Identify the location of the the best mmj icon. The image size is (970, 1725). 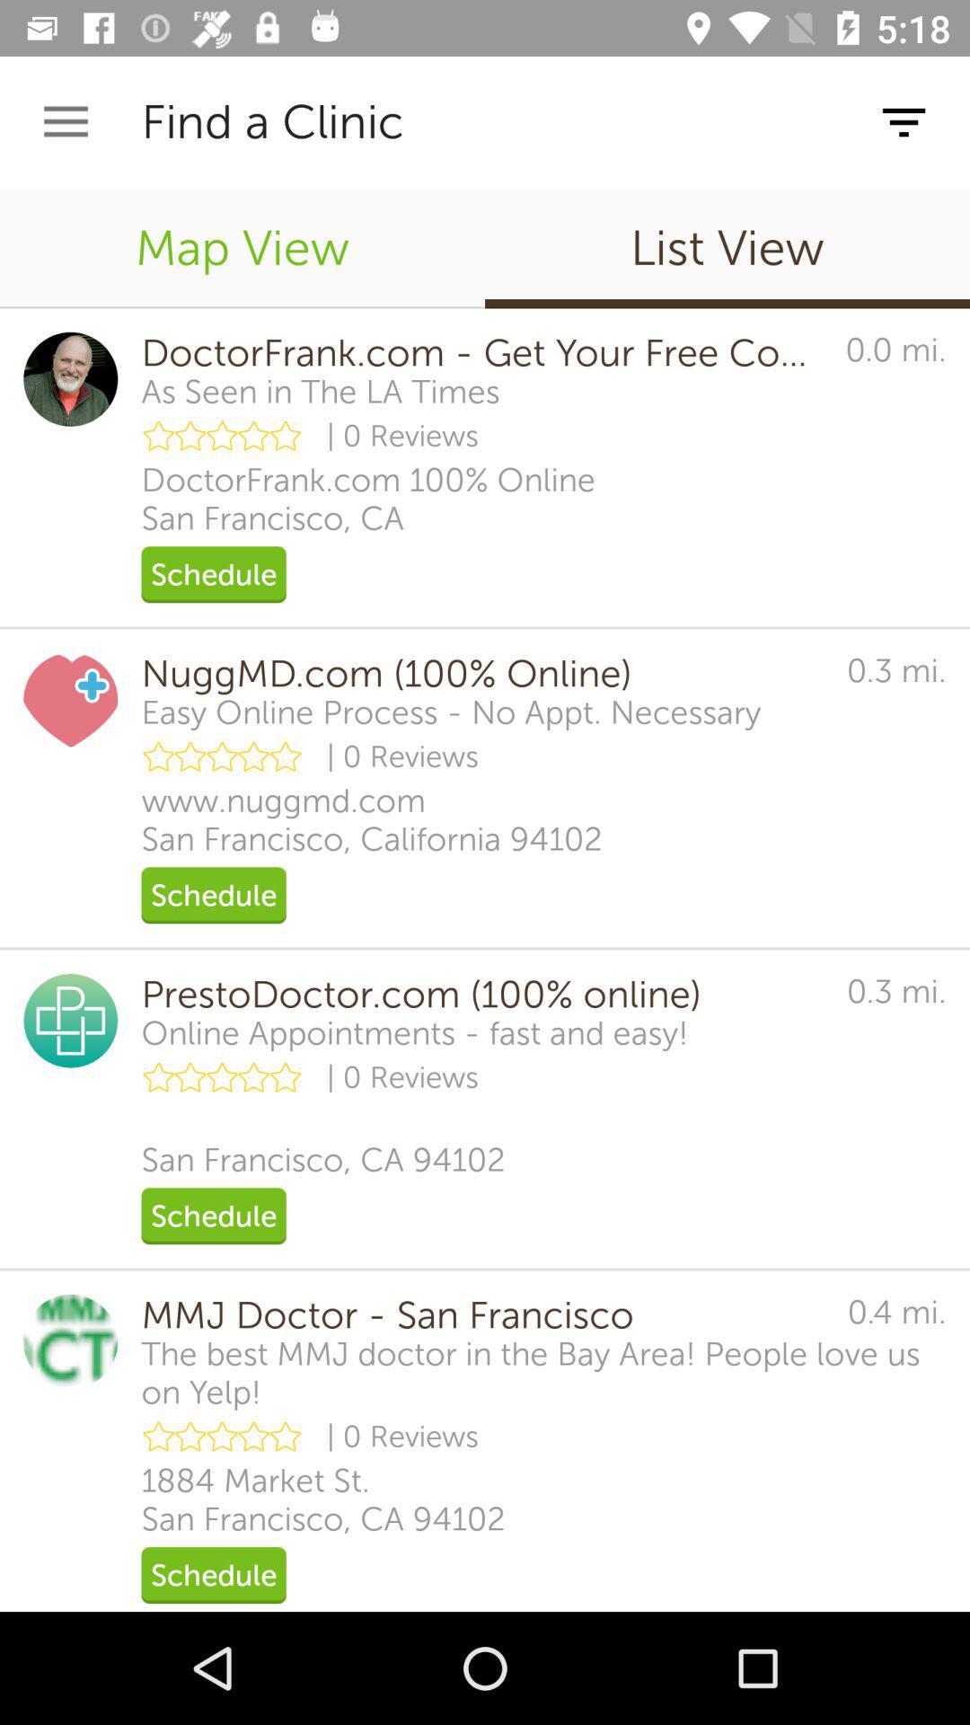
(542, 1372).